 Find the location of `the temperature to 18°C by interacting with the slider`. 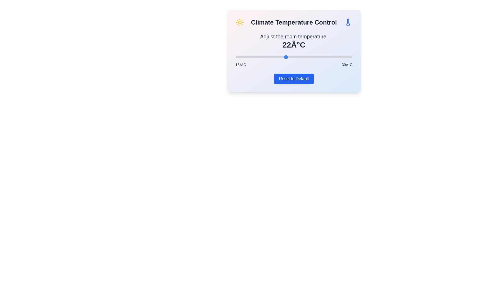

the temperature to 18°C by interacting with the slider is located at coordinates (252, 57).